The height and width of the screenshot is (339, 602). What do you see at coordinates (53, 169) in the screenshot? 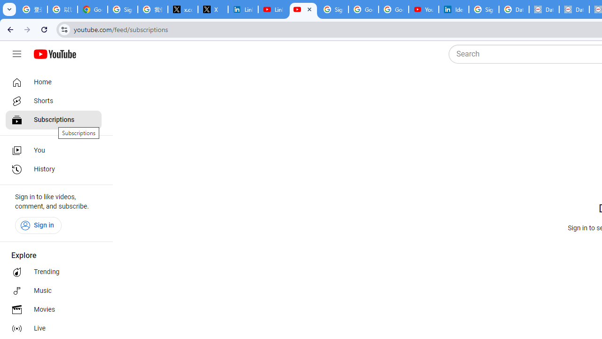
I see `'History'` at bounding box center [53, 169].